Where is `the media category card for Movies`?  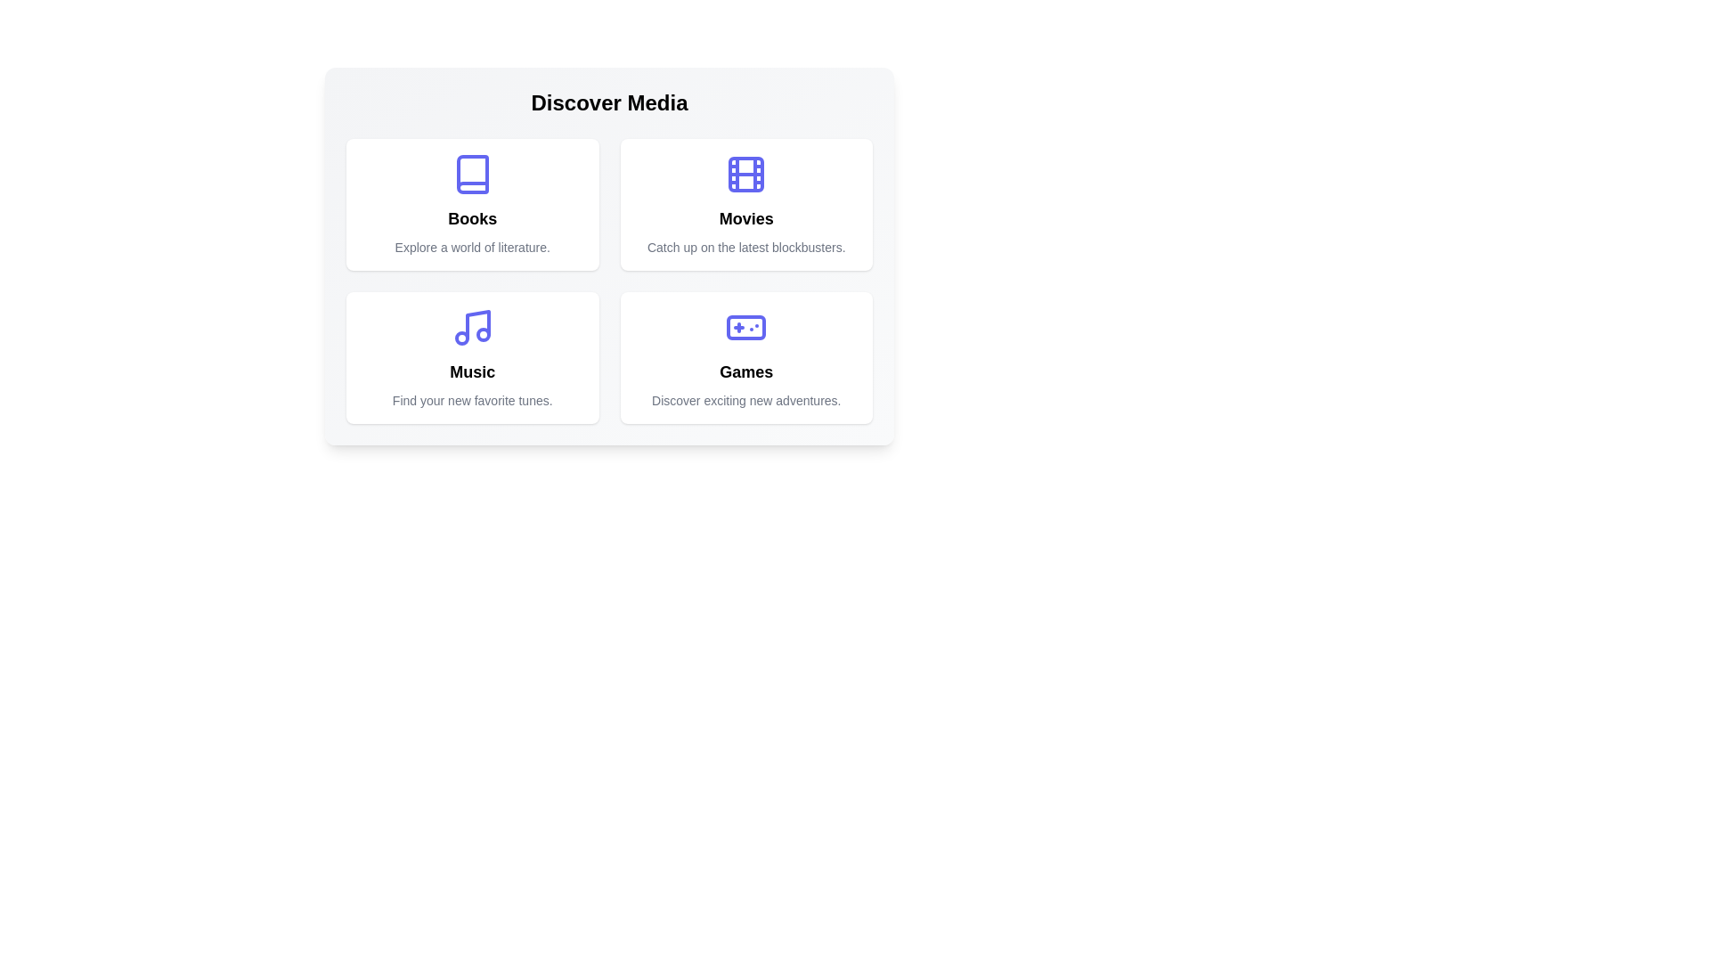 the media category card for Movies is located at coordinates (746, 204).